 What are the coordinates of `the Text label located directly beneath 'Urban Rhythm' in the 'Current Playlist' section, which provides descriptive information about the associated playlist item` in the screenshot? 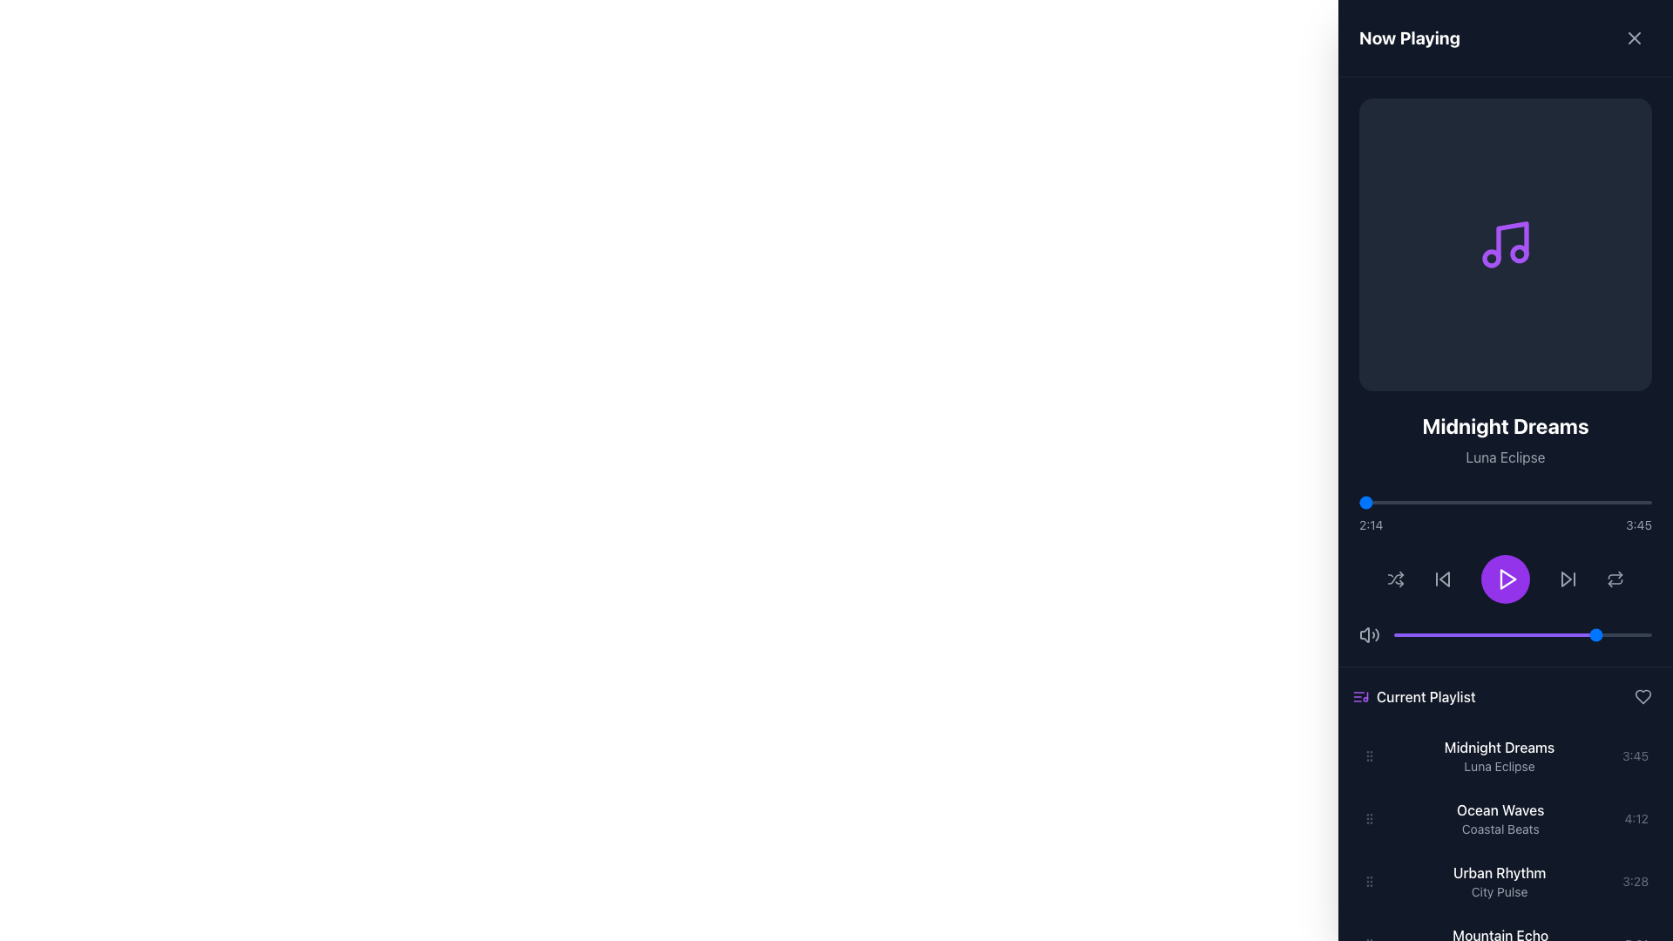 It's located at (1499, 891).